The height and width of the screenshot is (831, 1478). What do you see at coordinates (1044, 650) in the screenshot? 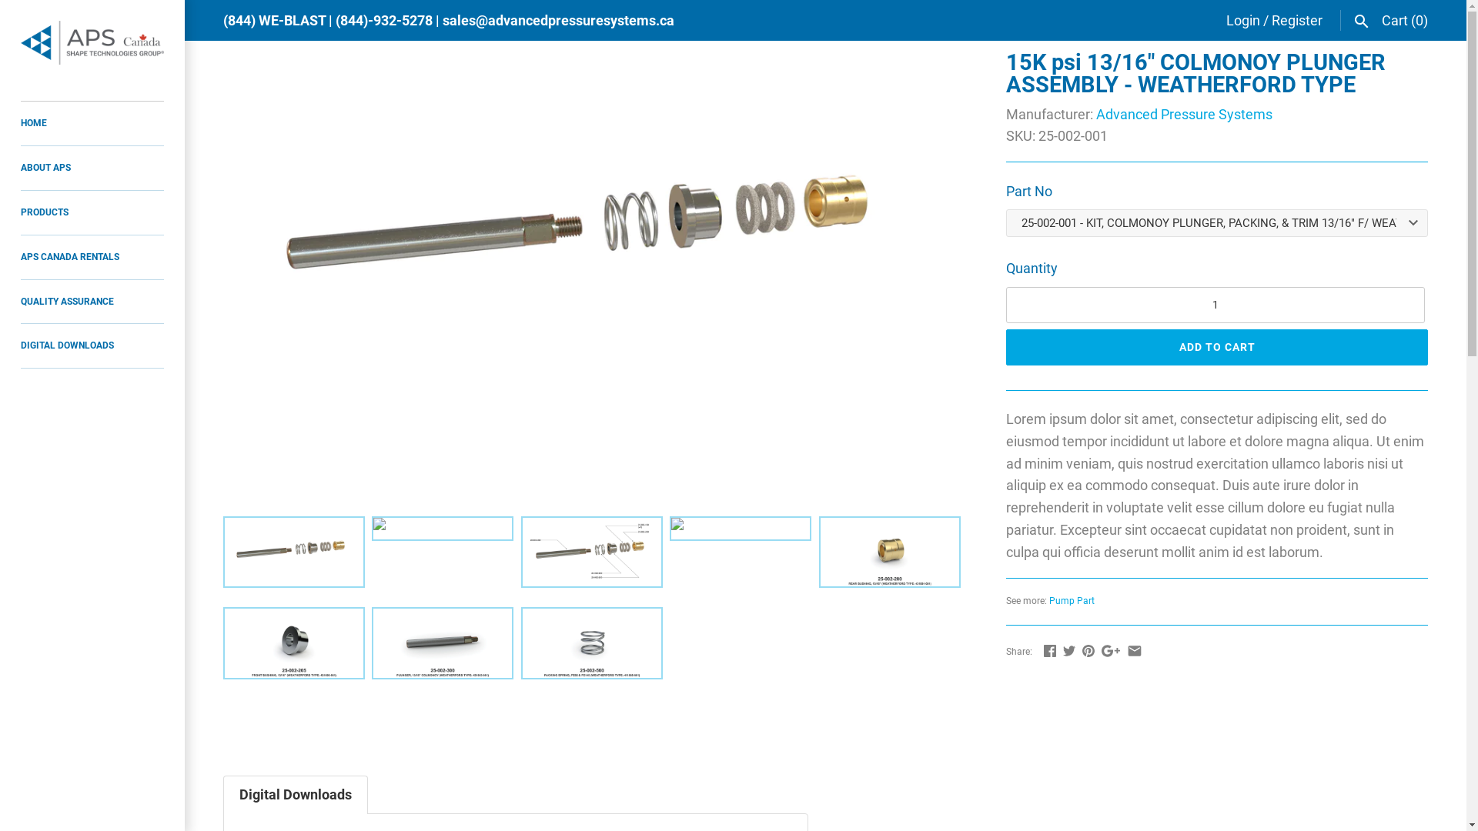
I see `'Facebook'` at bounding box center [1044, 650].